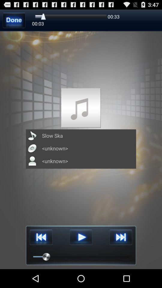 The image size is (162, 288). What do you see at coordinates (81, 237) in the screenshot?
I see `play` at bounding box center [81, 237].